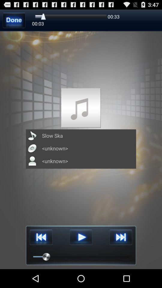 The image size is (162, 288). What do you see at coordinates (81, 237) in the screenshot?
I see `play` at bounding box center [81, 237].